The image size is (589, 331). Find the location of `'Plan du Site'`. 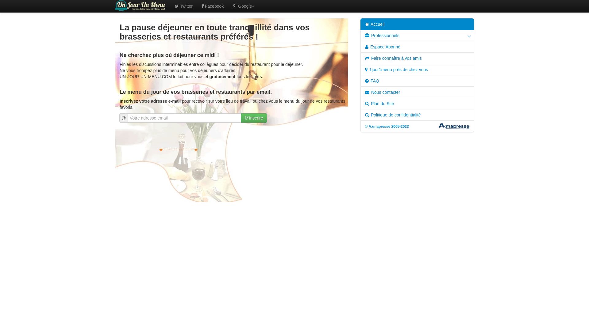

'Plan du Site' is located at coordinates (417, 103).